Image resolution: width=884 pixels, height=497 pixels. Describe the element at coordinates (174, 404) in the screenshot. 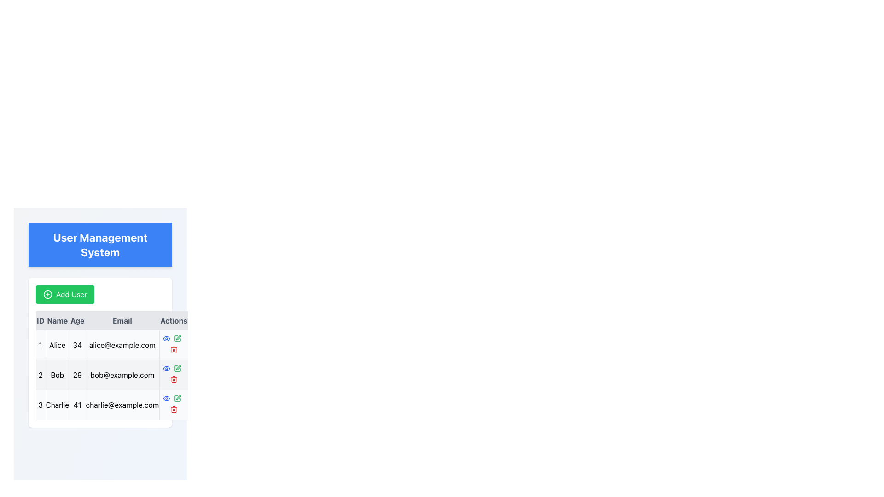

I see `the delete button icon in the actions column for the user 'Charlie' (ID '3') to initiate deletion` at that location.